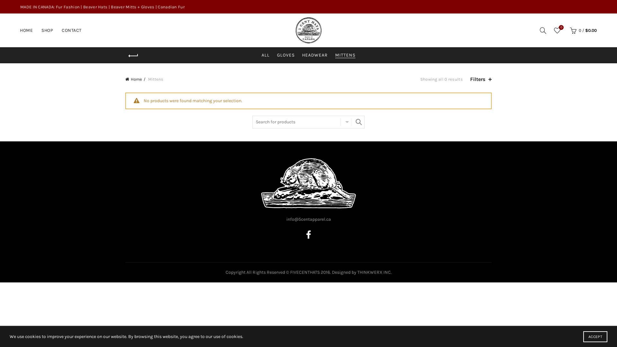 This screenshot has height=347, width=617. Describe the element at coordinates (557, 31) in the screenshot. I see `'Wishlist` at that location.